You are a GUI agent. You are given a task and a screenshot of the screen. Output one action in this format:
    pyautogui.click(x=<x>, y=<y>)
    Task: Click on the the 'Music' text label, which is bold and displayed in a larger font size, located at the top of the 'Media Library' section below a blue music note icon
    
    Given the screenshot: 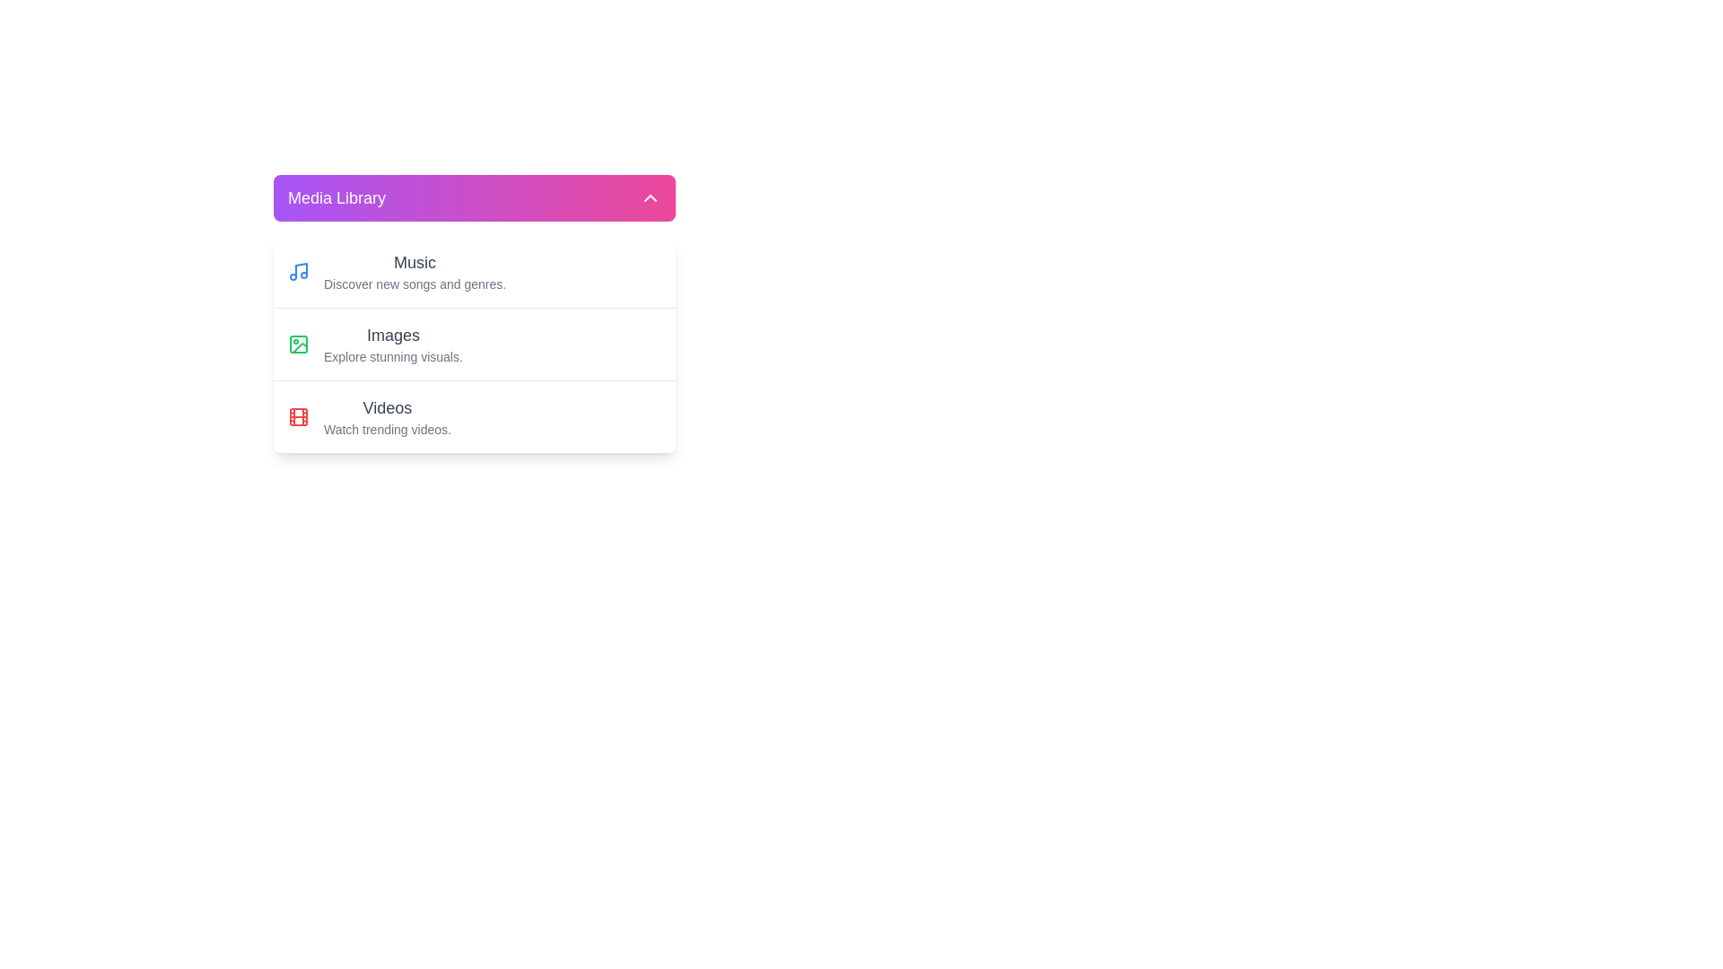 What is the action you would take?
    pyautogui.click(x=414, y=263)
    